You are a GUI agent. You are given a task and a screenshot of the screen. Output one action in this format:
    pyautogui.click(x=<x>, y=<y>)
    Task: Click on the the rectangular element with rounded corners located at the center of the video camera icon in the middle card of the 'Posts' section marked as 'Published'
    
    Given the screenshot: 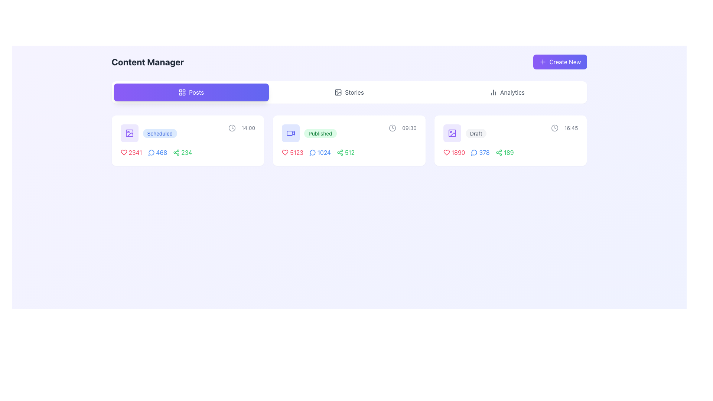 What is the action you would take?
    pyautogui.click(x=289, y=133)
    